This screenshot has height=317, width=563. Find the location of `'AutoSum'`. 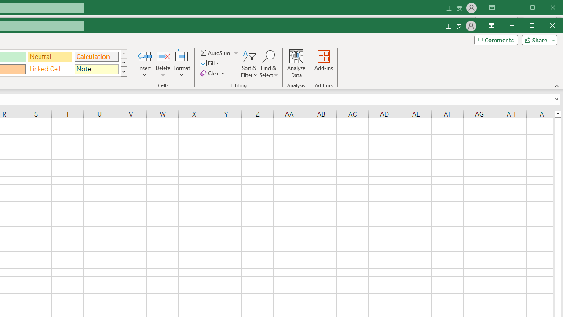

'AutoSum' is located at coordinates (219, 53).